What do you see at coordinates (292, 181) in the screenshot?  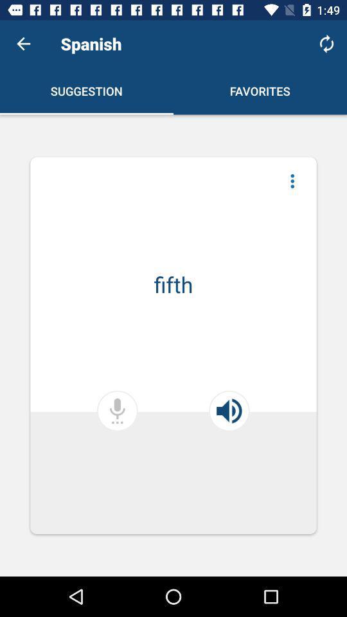 I see `three dots` at bounding box center [292, 181].